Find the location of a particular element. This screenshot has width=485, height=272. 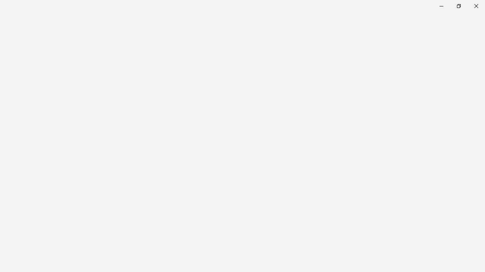

'Minimize Calculator' is located at coordinates (441, 6).